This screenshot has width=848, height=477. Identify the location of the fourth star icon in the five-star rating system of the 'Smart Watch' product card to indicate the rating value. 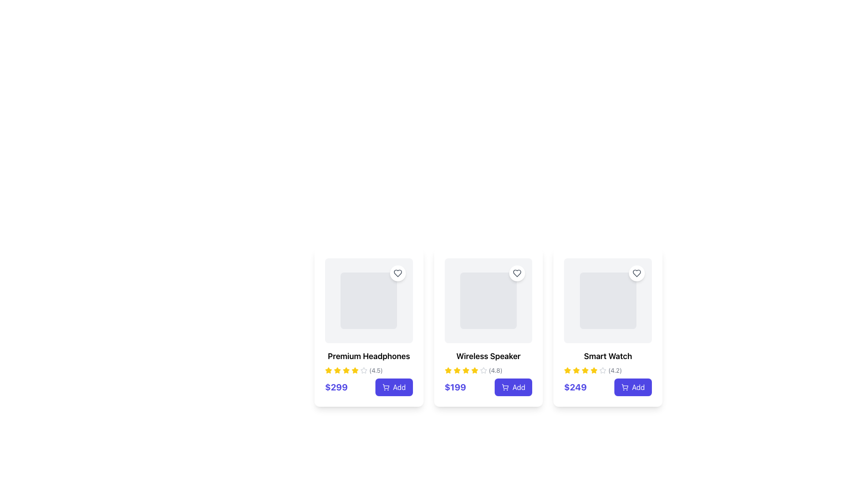
(594, 371).